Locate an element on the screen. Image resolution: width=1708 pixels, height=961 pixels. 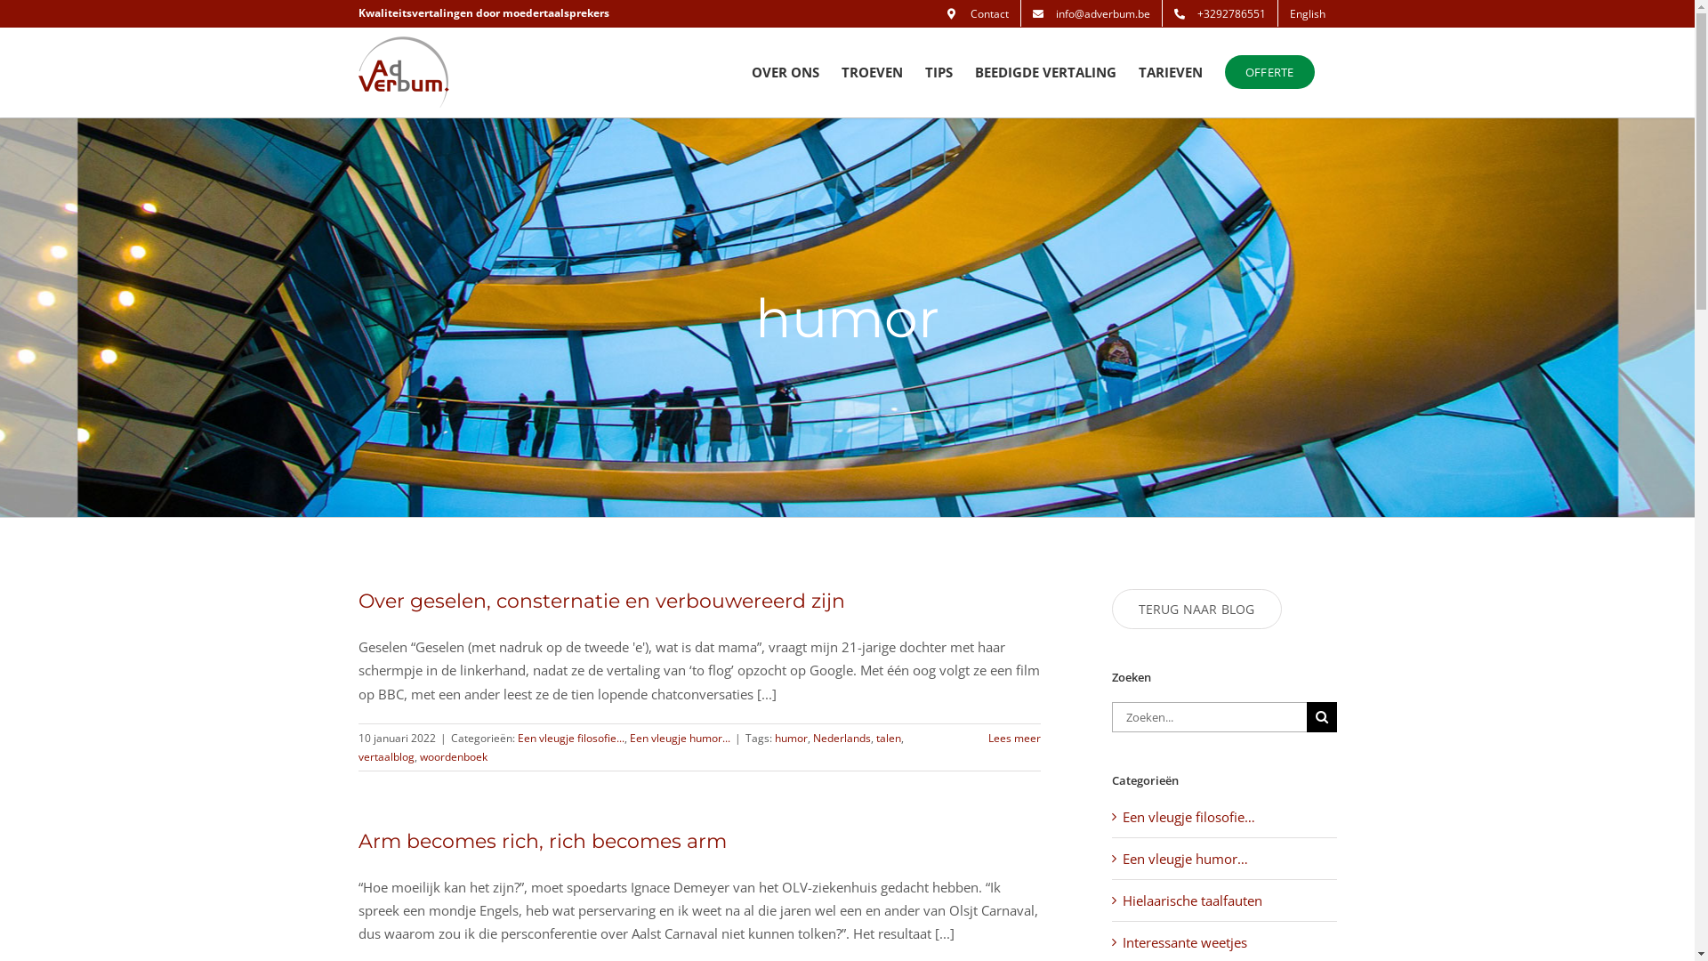
'Lees meer' is located at coordinates (1013, 738).